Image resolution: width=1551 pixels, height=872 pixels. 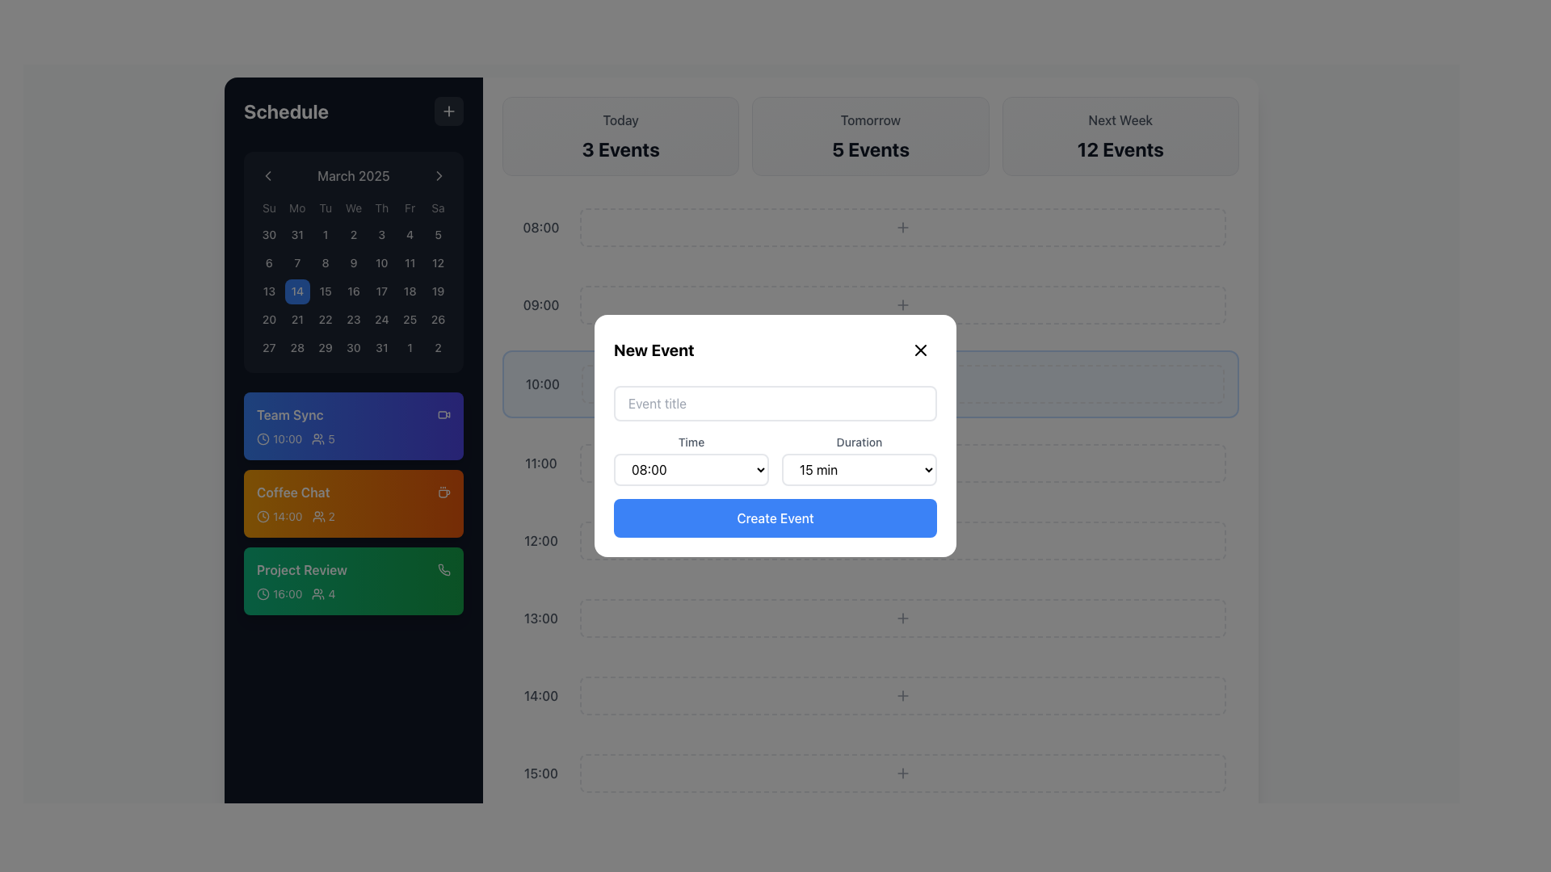 I want to click on the rounded square button with the number '28' in a light font, located, so click(x=297, y=346).